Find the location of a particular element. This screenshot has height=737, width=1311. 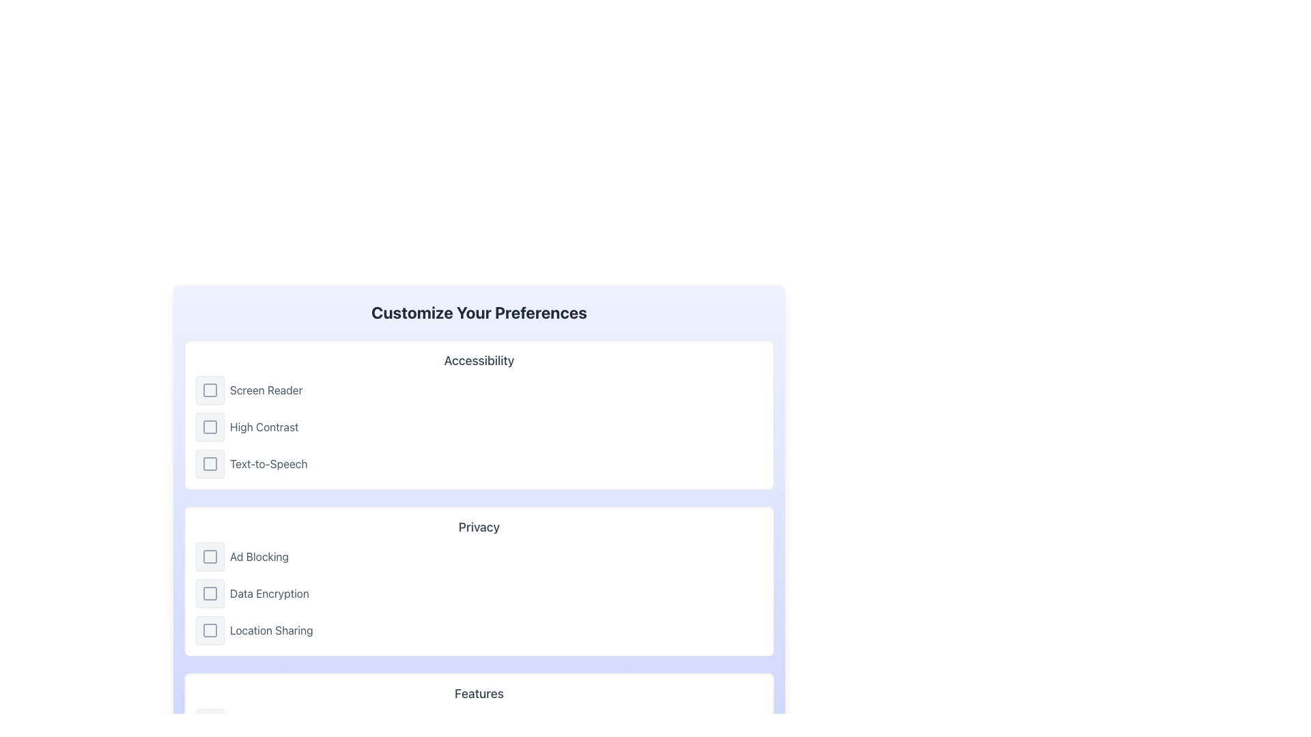

the checkbox for 'Location Sharing' under the 'Privacy' section is located at coordinates (209, 631).